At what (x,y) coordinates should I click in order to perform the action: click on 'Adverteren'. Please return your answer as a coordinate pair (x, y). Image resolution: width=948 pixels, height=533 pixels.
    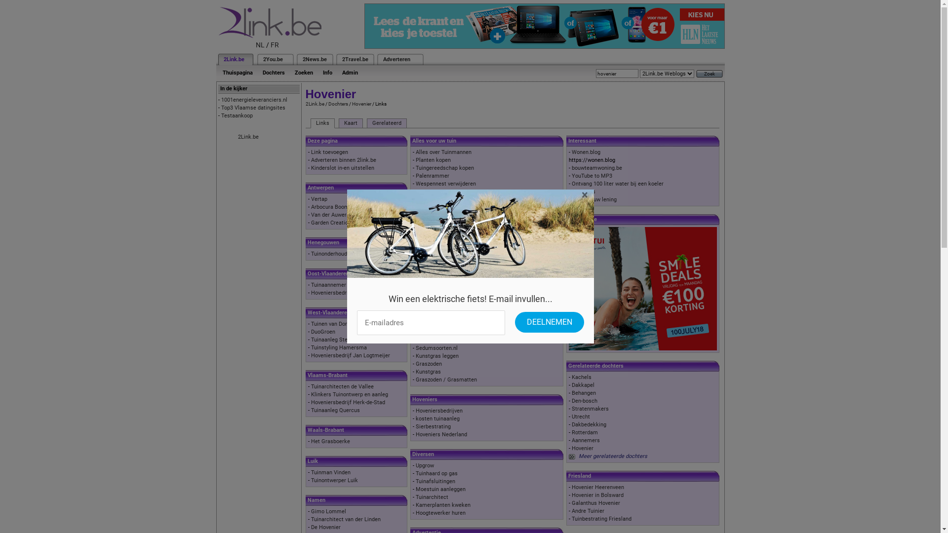
    Looking at the image, I should click on (396, 59).